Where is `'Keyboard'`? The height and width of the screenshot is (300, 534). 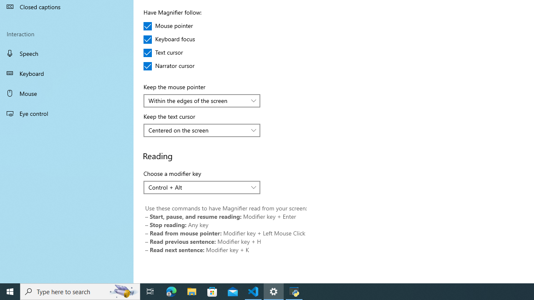 'Keyboard' is located at coordinates (67, 73).